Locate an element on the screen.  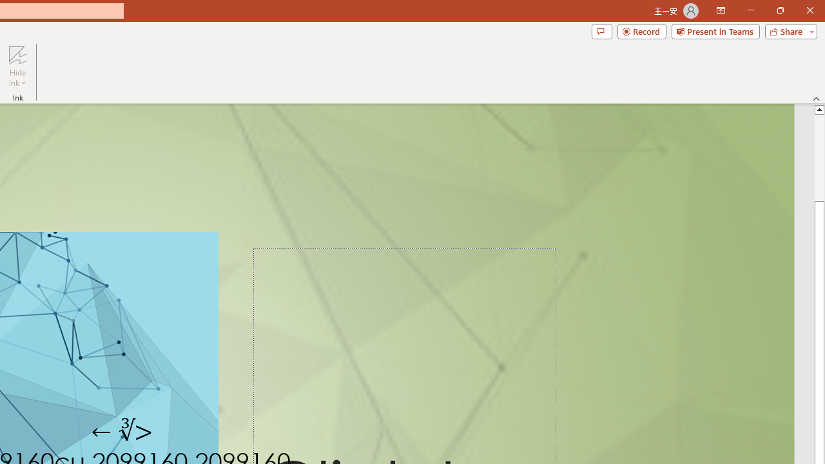
'Hide Ink' is located at coordinates (17, 66).